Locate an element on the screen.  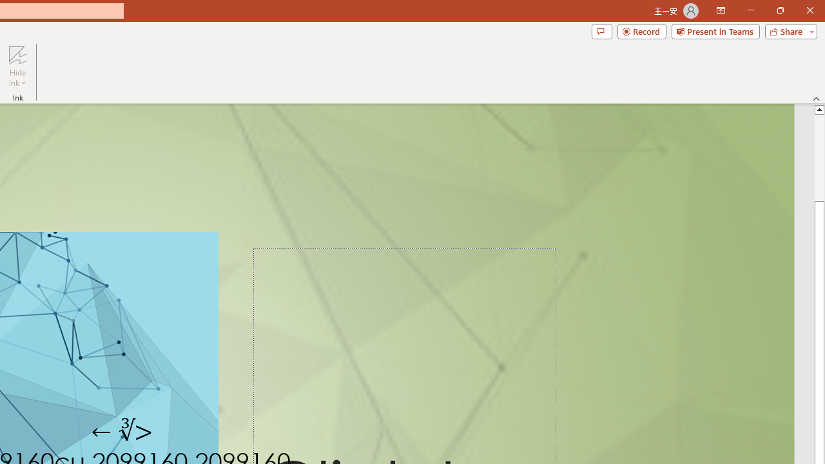
'Hide Ink' is located at coordinates (17, 66).